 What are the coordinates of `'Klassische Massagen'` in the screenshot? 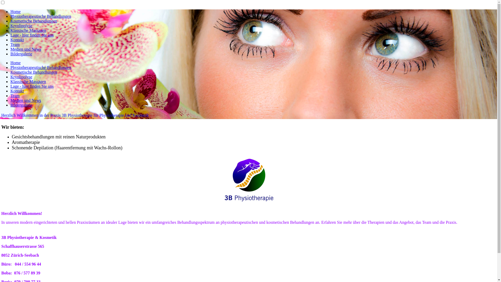 It's located at (28, 81).